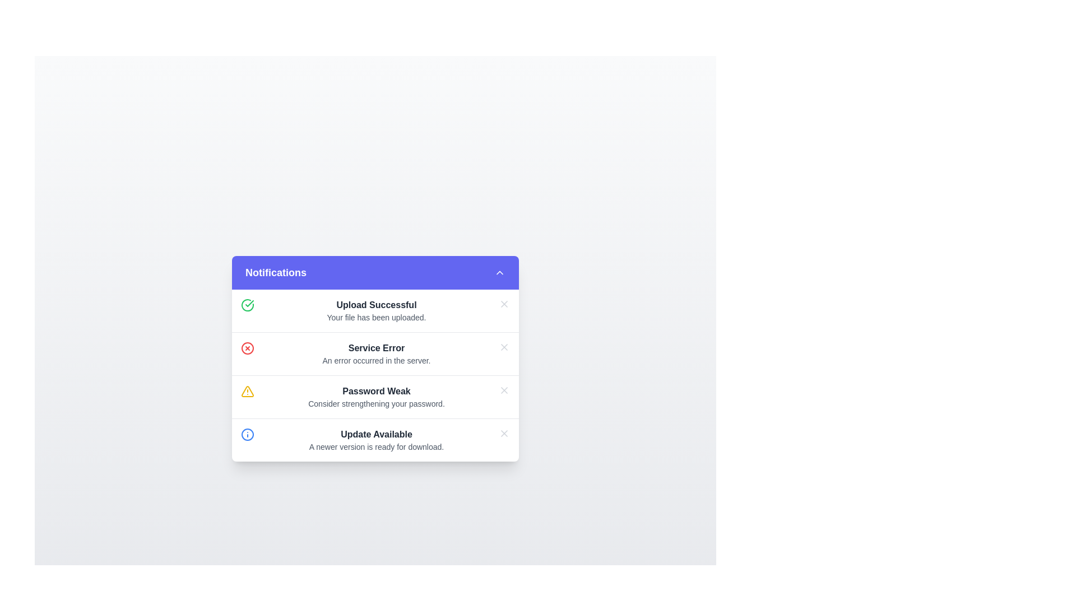 This screenshot has height=605, width=1076. Describe the element at coordinates (375, 310) in the screenshot. I see `the notification item indicating a successful file upload located beneath the 'Notifications' header` at that location.